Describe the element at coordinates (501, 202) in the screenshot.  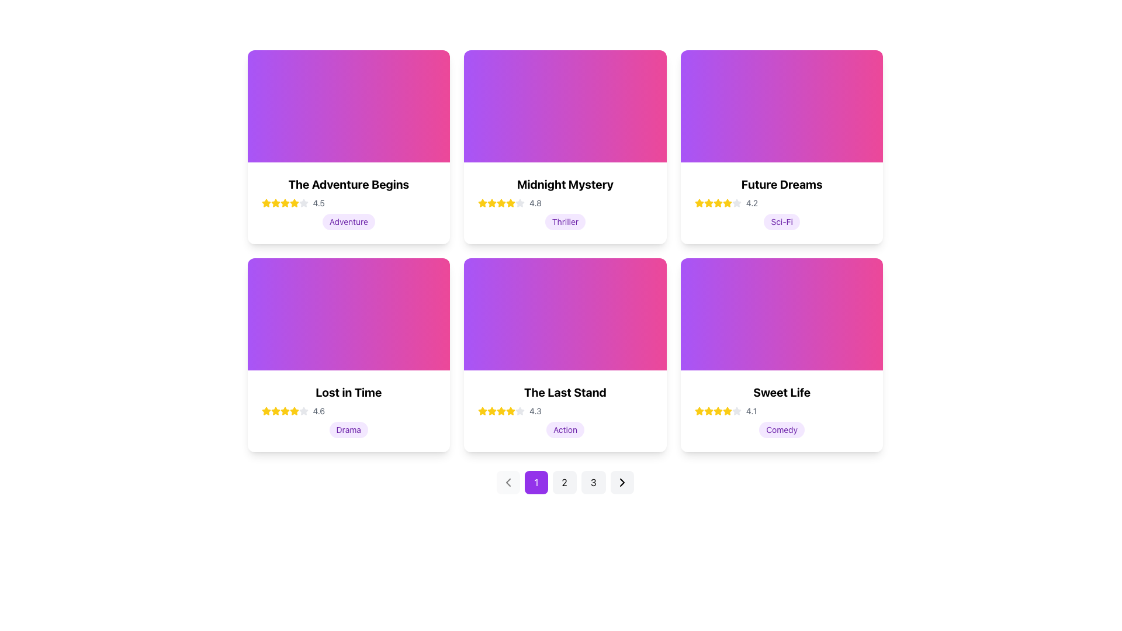
I see `the third yellow star icon in the second row of the rating system for the movie 'Midnight Mystery'` at that location.